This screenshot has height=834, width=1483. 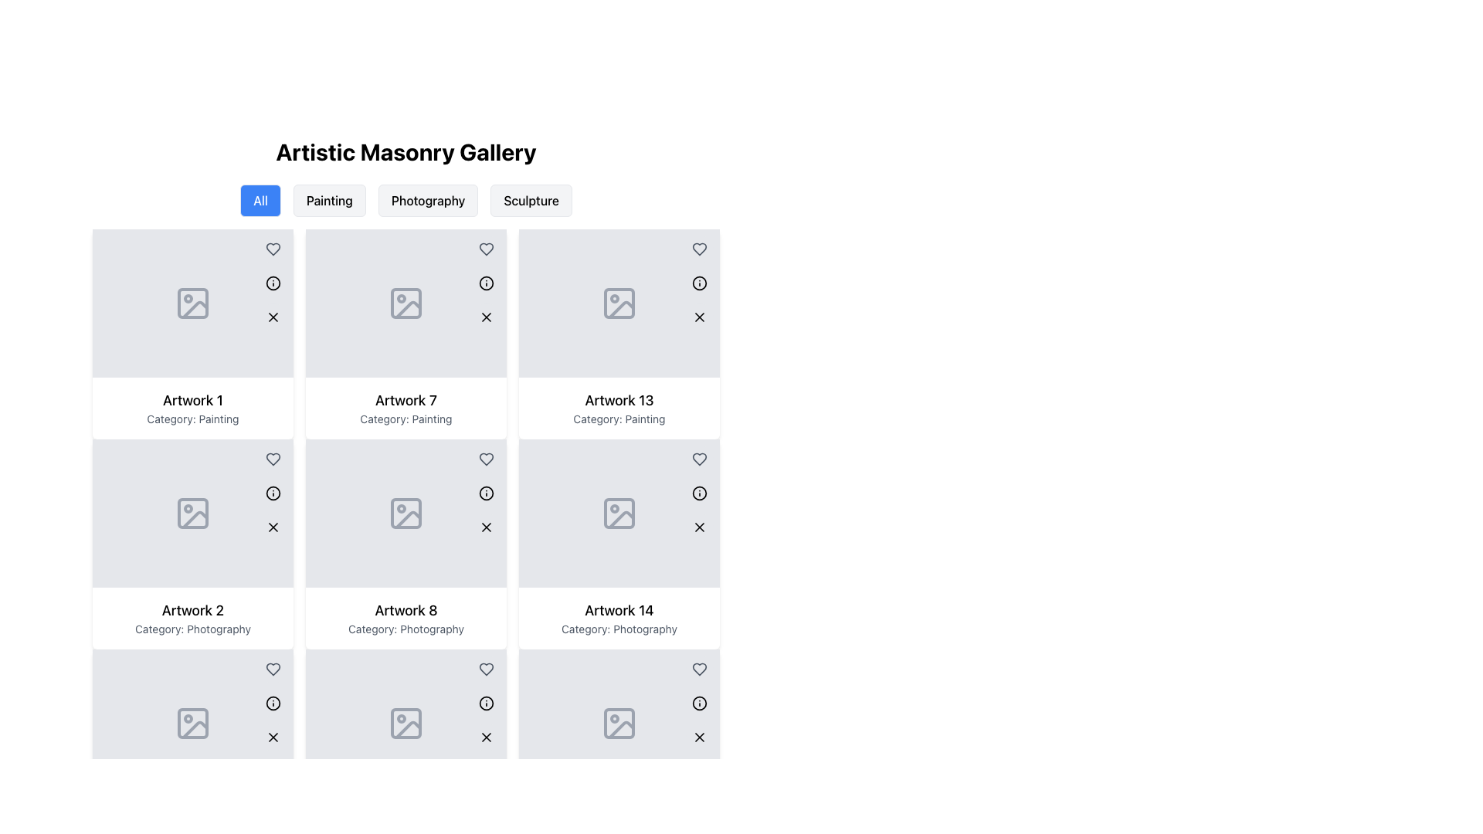 I want to click on the small cross-shaped icon within the light gray circular button located in the top-right area of the card labeled 'Artwork 13', so click(x=699, y=317).